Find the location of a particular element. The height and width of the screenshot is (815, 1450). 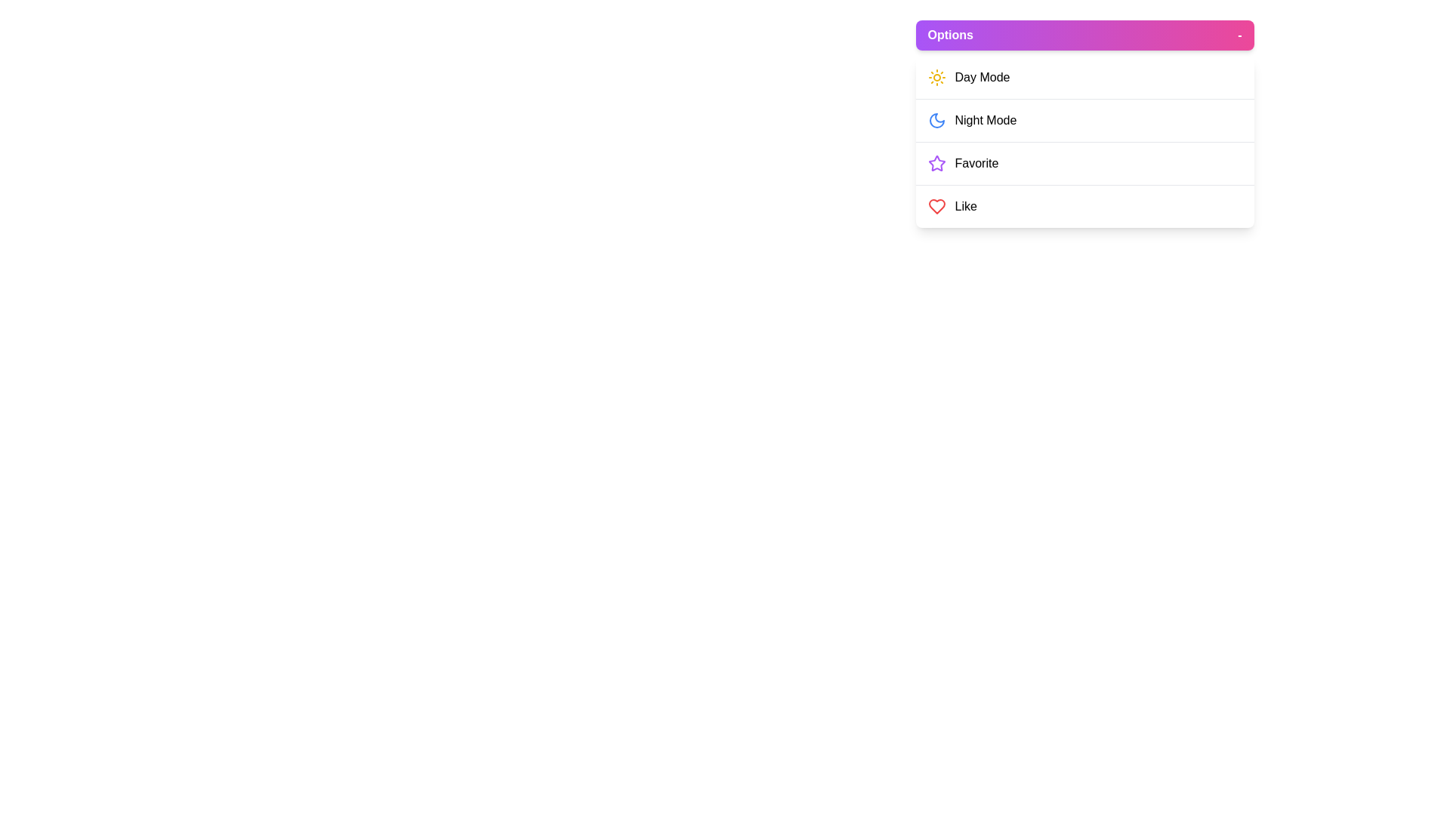

the menu item Favorite to highlight it is located at coordinates (1084, 163).